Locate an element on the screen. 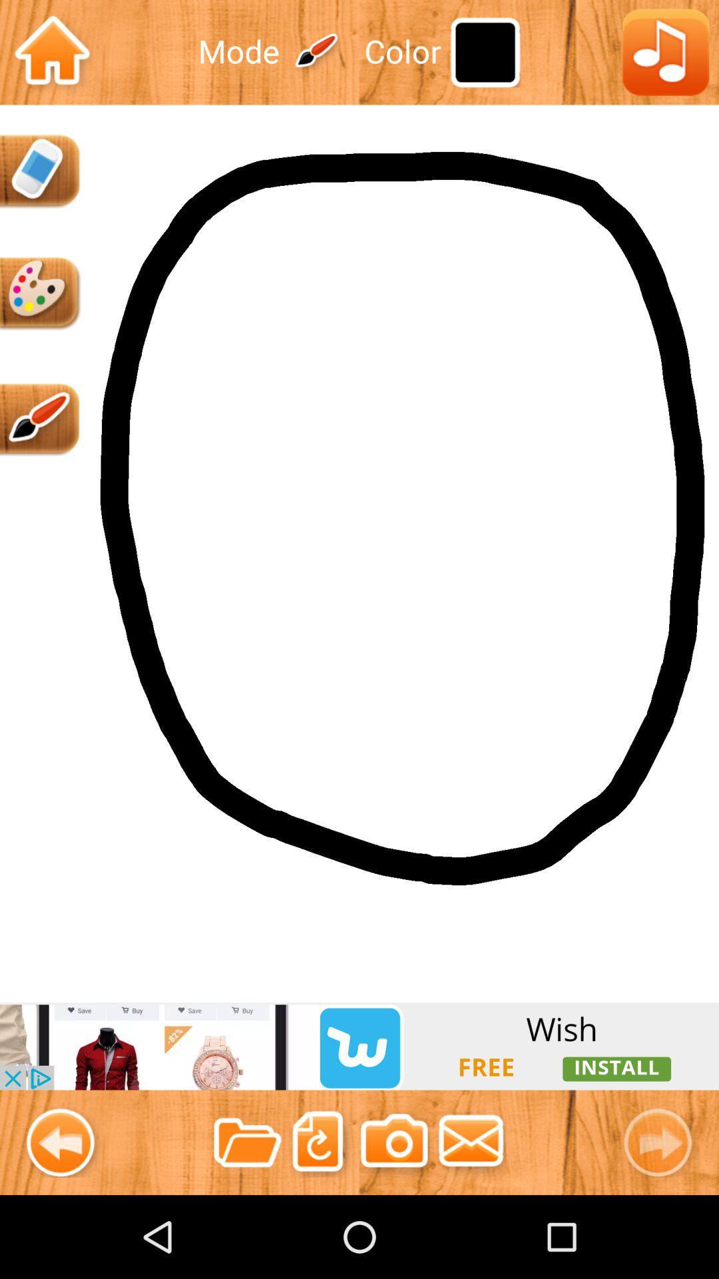 This screenshot has height=1279, width=719. photo is located at coordinates (393, 1142).